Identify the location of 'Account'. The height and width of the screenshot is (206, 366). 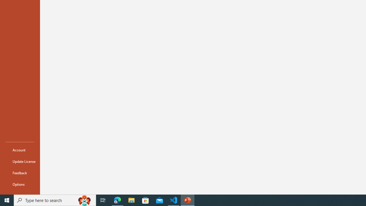
(20, 150).